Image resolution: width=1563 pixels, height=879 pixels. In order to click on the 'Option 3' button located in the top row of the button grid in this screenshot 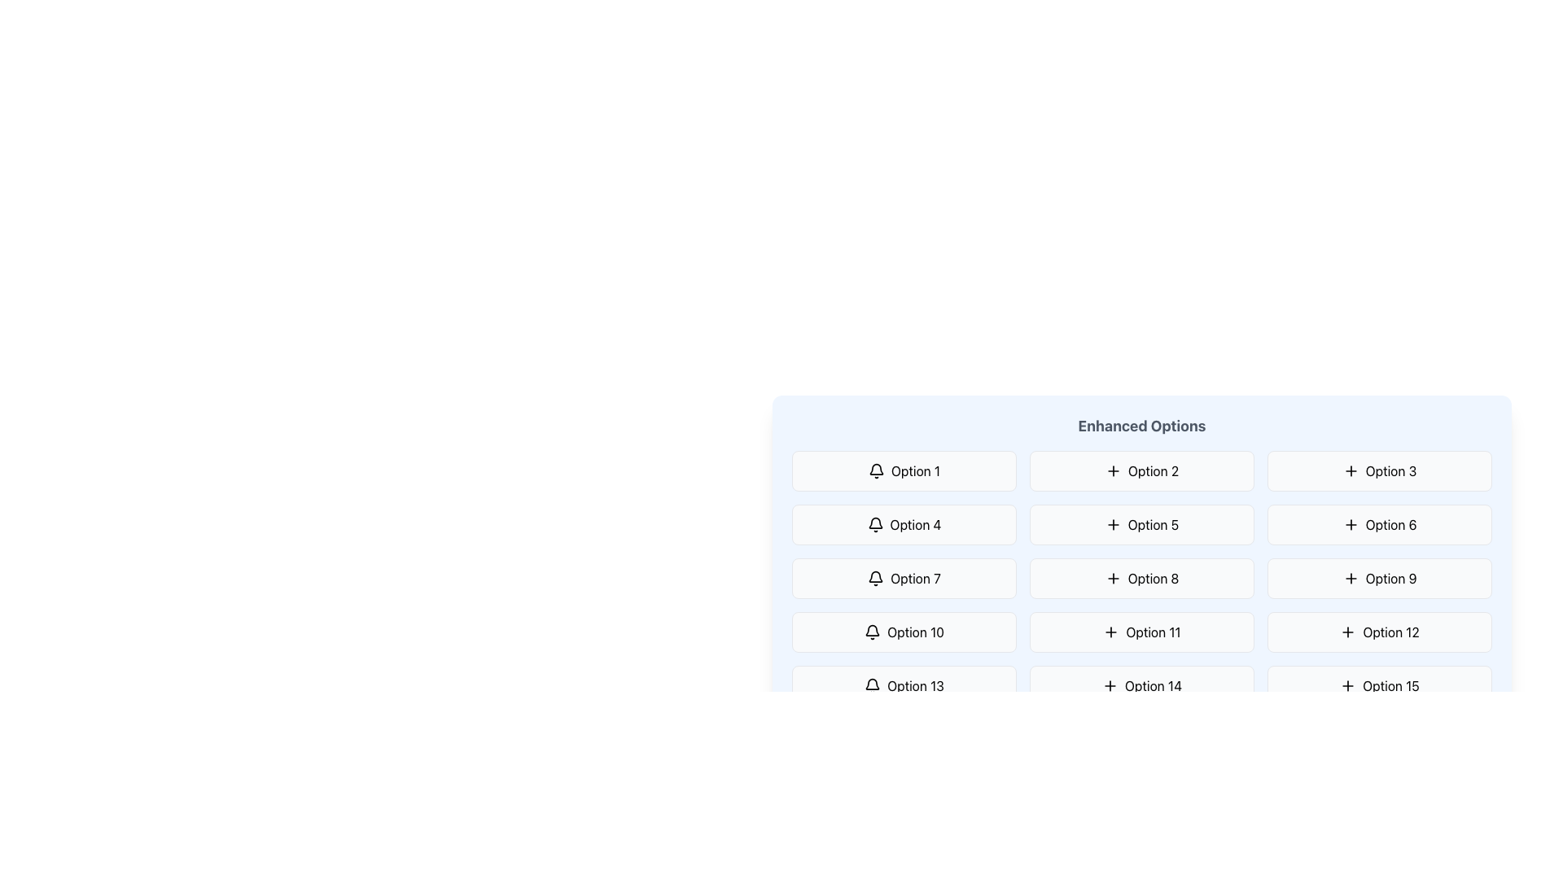, I will do `click(1378, 470)`.